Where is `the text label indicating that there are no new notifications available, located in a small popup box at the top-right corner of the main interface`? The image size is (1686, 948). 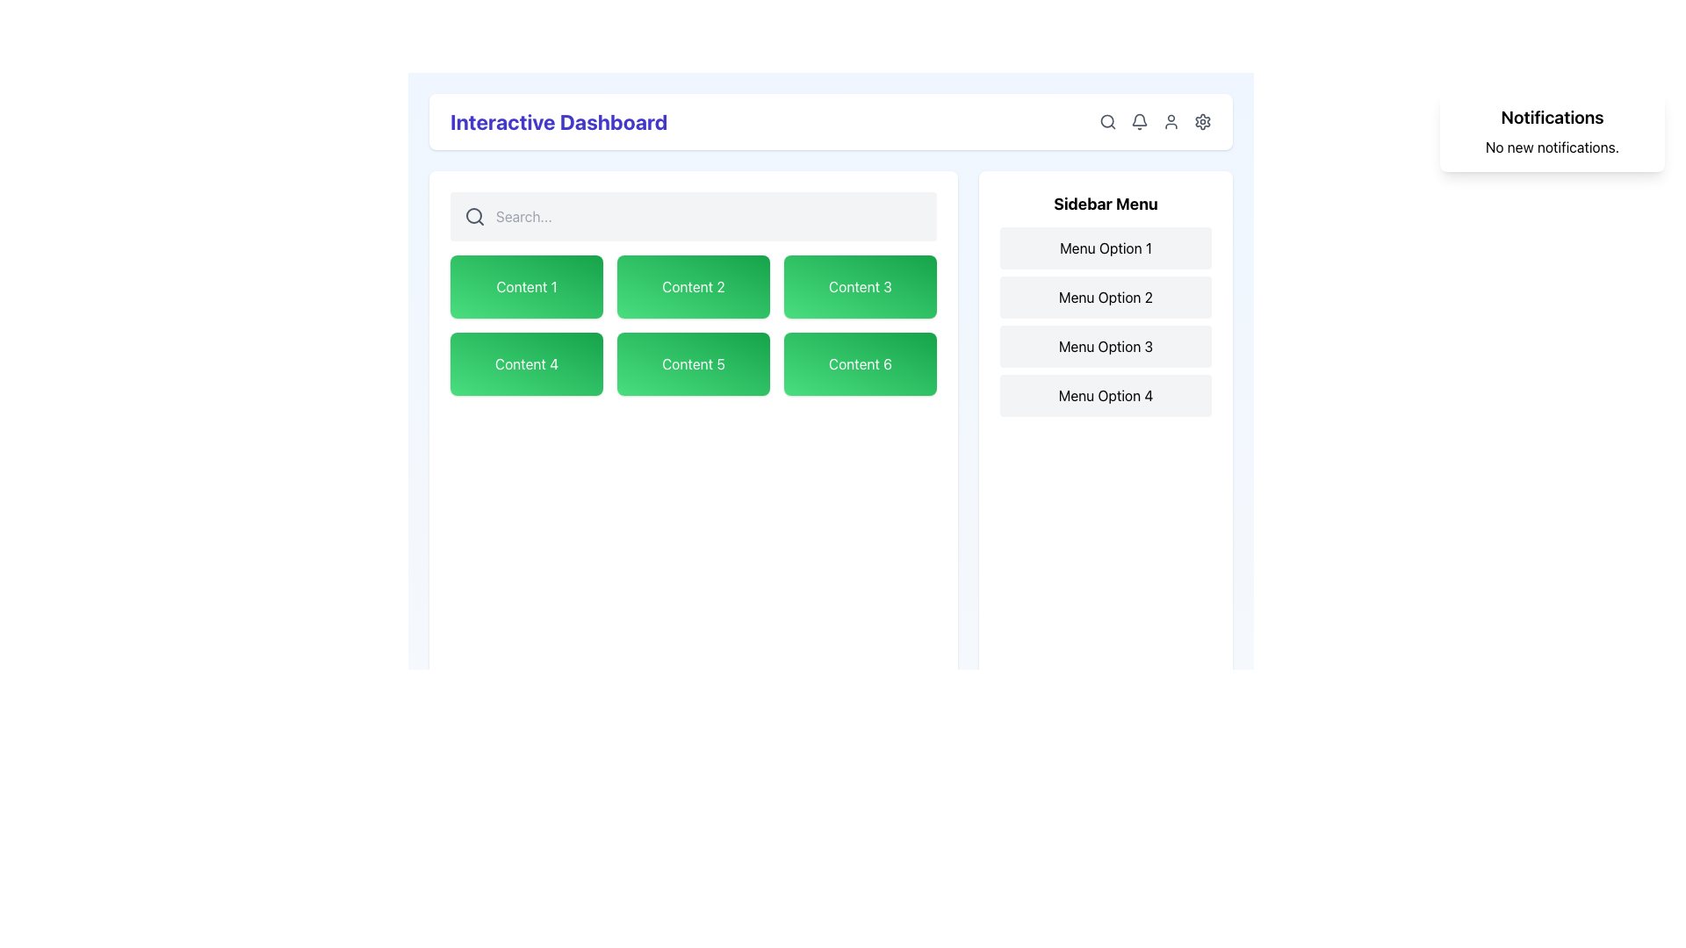 the text label indicating that there are no new notifications available, located in a small popup box at the top-right corner of the main interface is located at coordinates (1552, 147).